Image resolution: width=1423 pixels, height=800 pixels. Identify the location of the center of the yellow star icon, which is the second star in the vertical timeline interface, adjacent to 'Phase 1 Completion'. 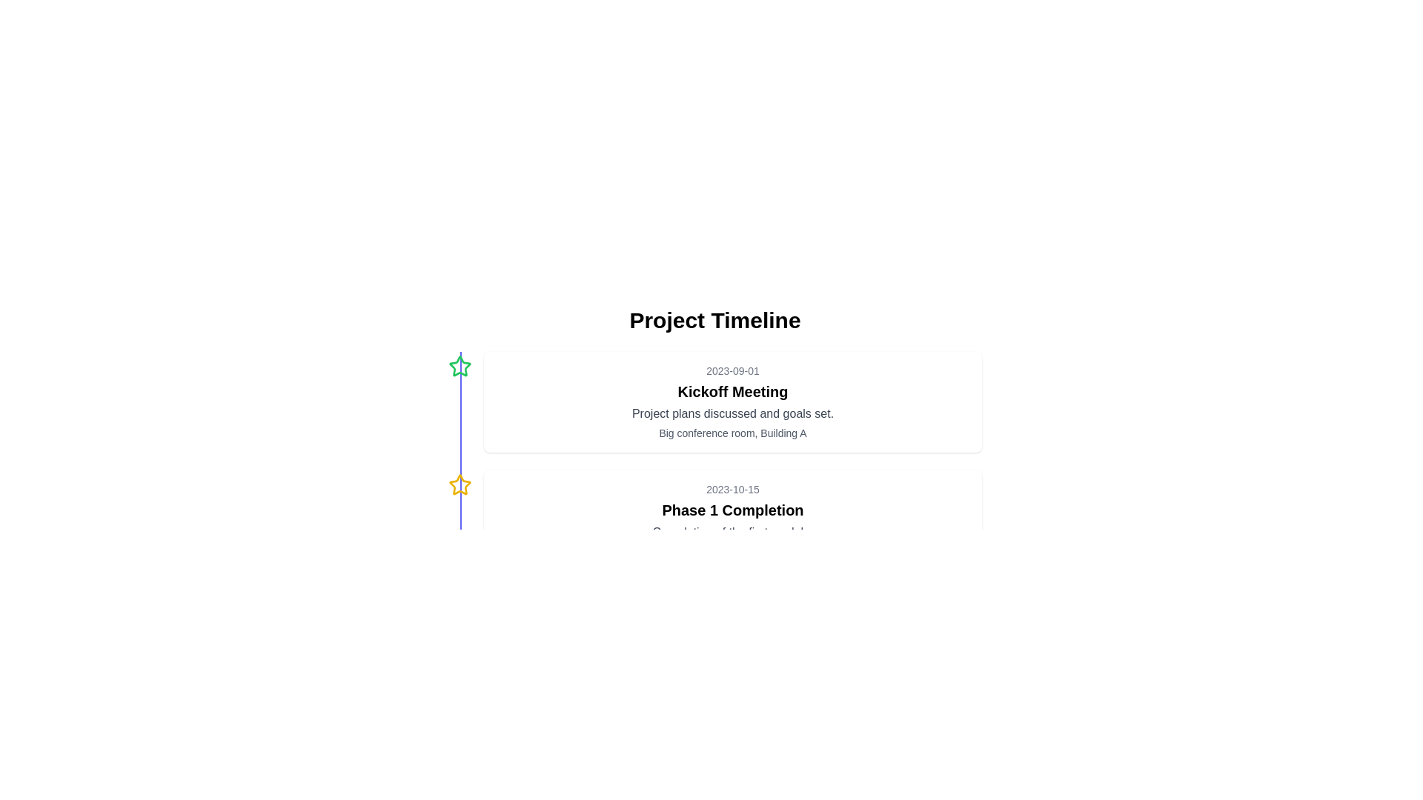
(459, 485).